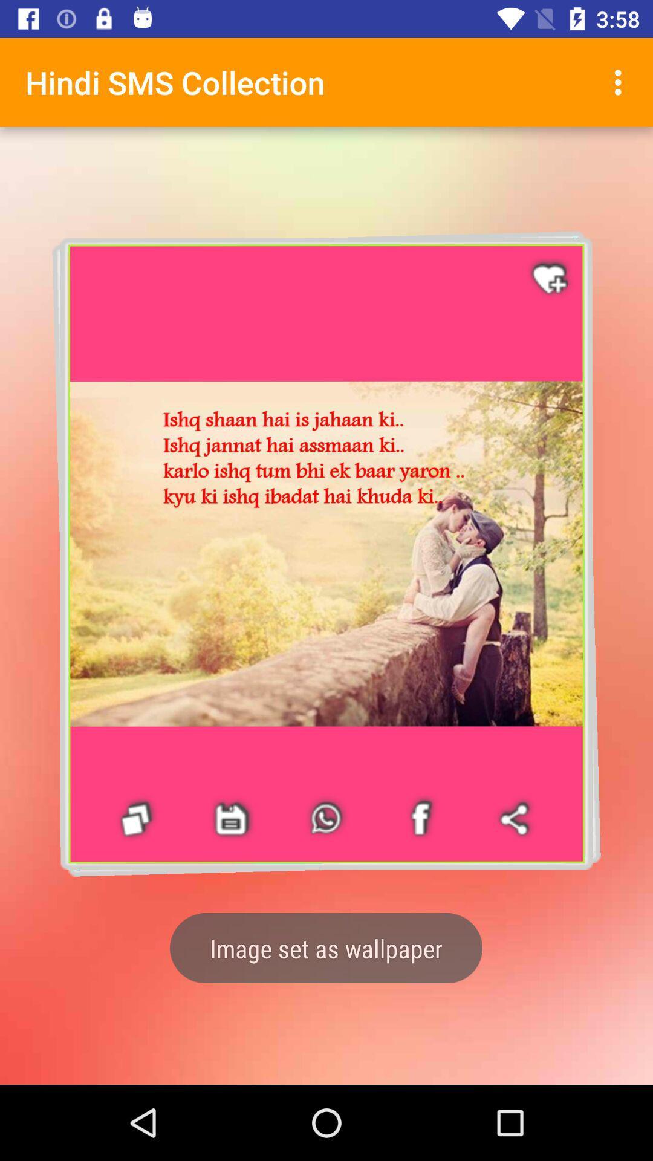 The height and width of the screenshot is (1161, 653). I want to click on the facebook icon, so click(136, 819).